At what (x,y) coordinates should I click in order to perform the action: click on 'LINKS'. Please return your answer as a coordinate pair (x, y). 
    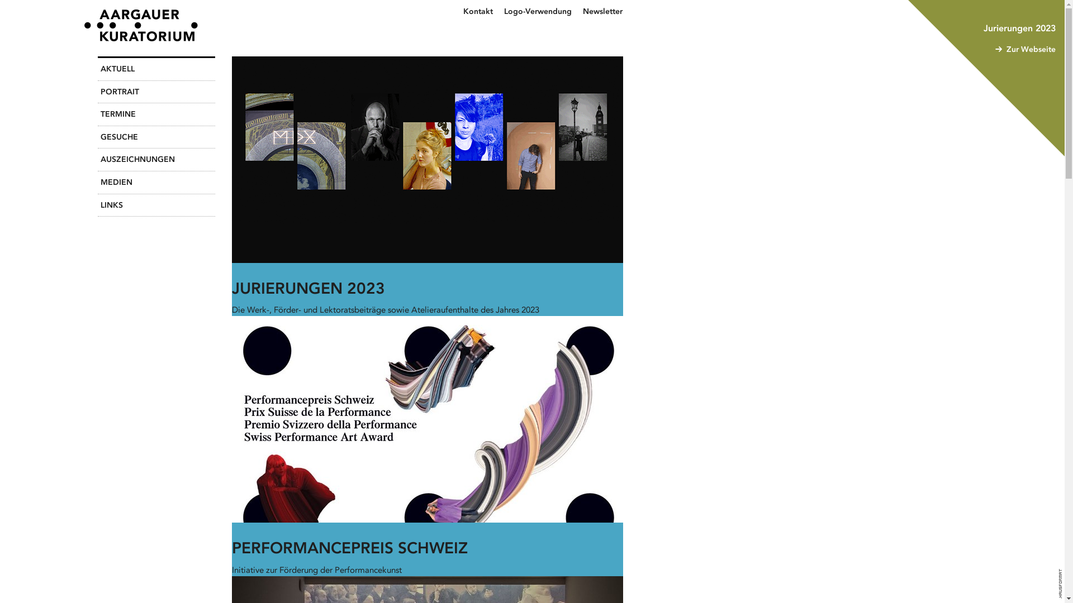
    Looking at the image, I should click on (155, 205).